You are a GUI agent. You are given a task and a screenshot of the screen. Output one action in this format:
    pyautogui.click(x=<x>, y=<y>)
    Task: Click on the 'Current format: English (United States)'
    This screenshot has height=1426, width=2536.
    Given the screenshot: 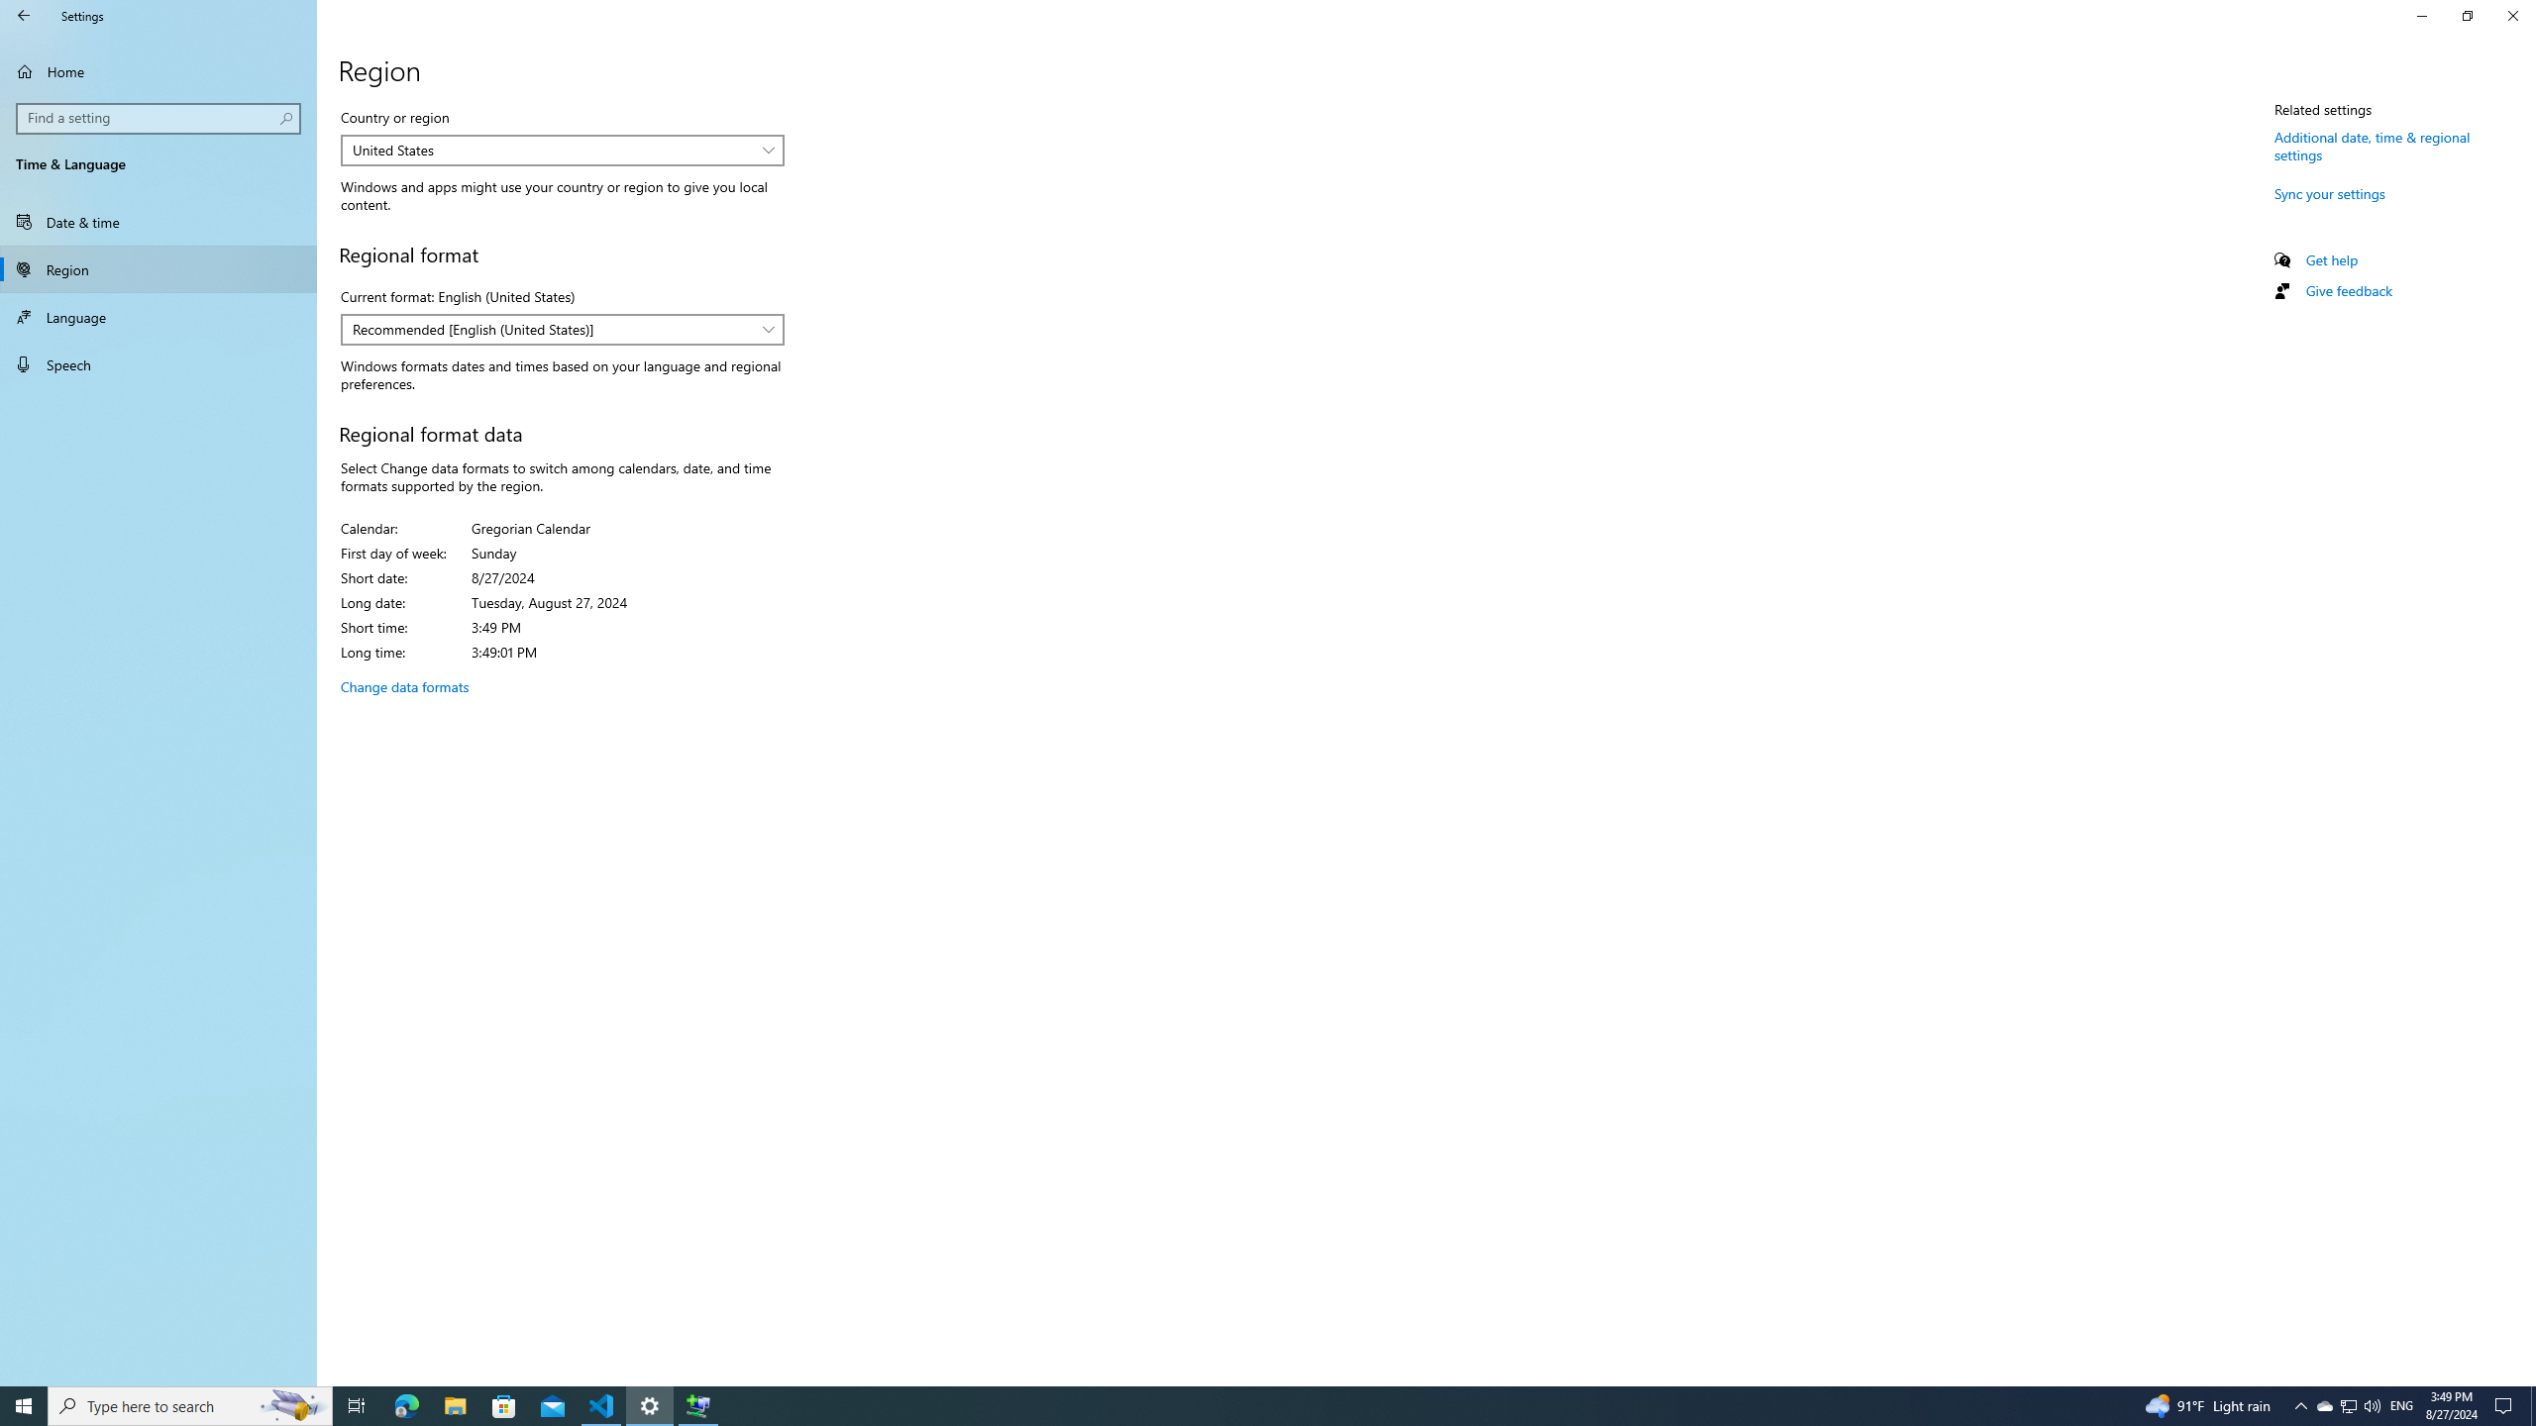 What is the action you would take?
    pyautogui.click(x=561, y=329)
    